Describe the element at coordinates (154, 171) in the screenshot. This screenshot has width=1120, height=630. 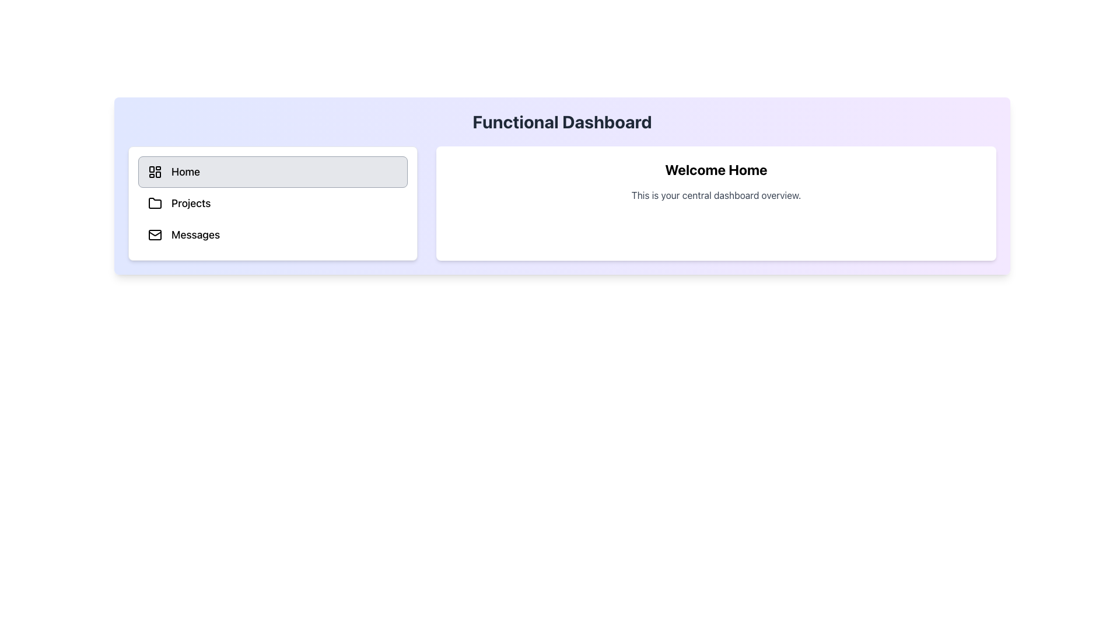
I see `the dashboard layout icon located to the left of the 'Home' label within the 'Home' button element` at that location.